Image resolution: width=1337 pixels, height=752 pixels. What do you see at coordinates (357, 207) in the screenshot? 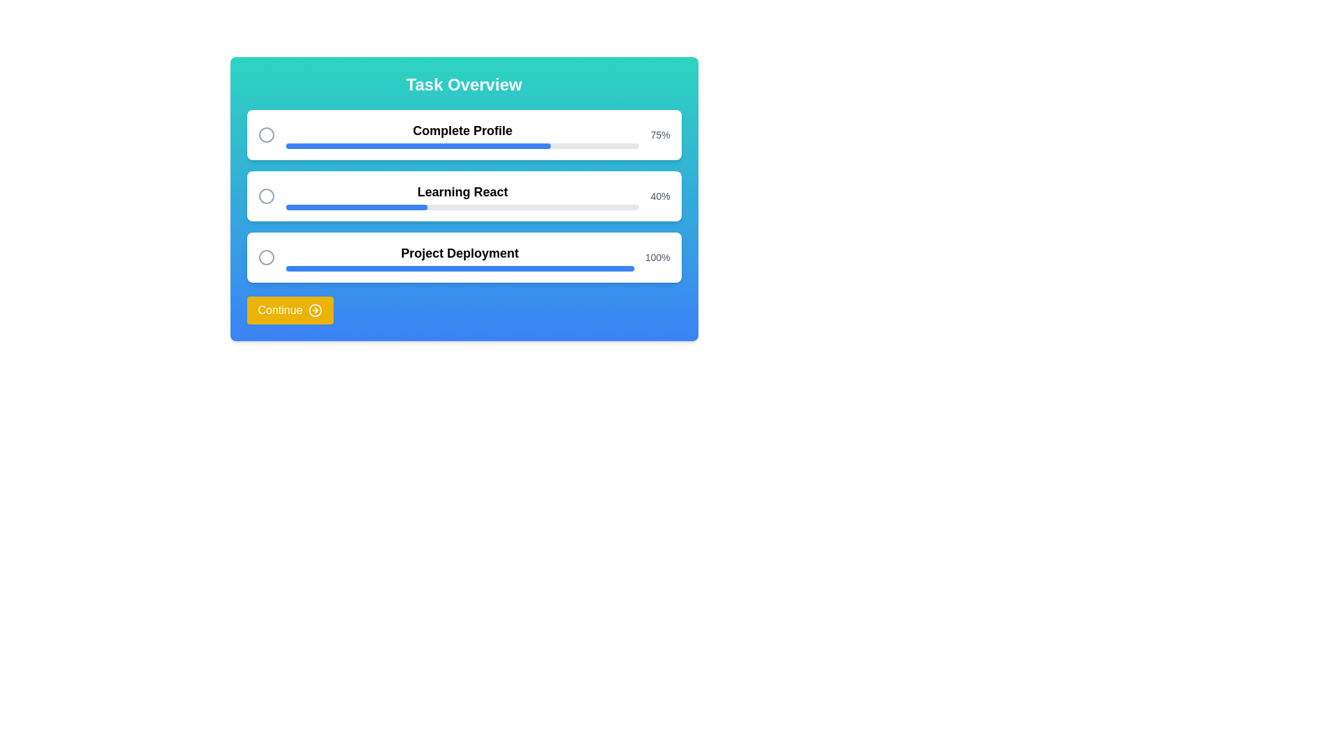
I see `the blue progress bar segment that represents 40% of the total width within the second progress bar labeled 'Learning React'` at bounding box center [357, 207].